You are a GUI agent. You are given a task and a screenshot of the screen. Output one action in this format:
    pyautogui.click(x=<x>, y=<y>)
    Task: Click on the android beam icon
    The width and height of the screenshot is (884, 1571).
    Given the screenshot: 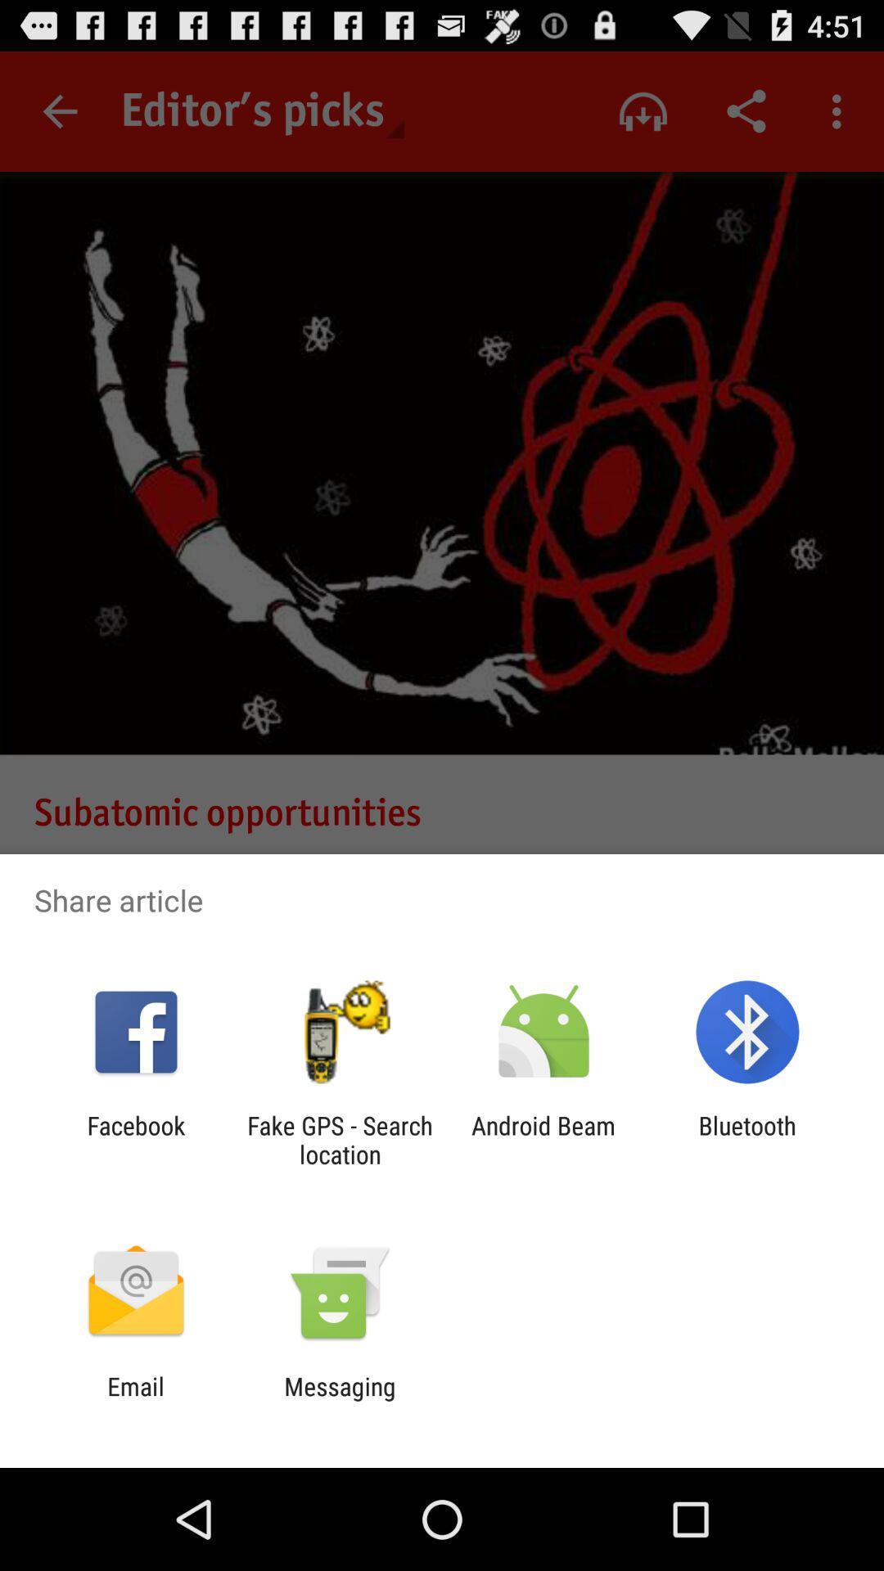 What is the action you would take?
    pyautogui.click(x=543, y=1139)
    